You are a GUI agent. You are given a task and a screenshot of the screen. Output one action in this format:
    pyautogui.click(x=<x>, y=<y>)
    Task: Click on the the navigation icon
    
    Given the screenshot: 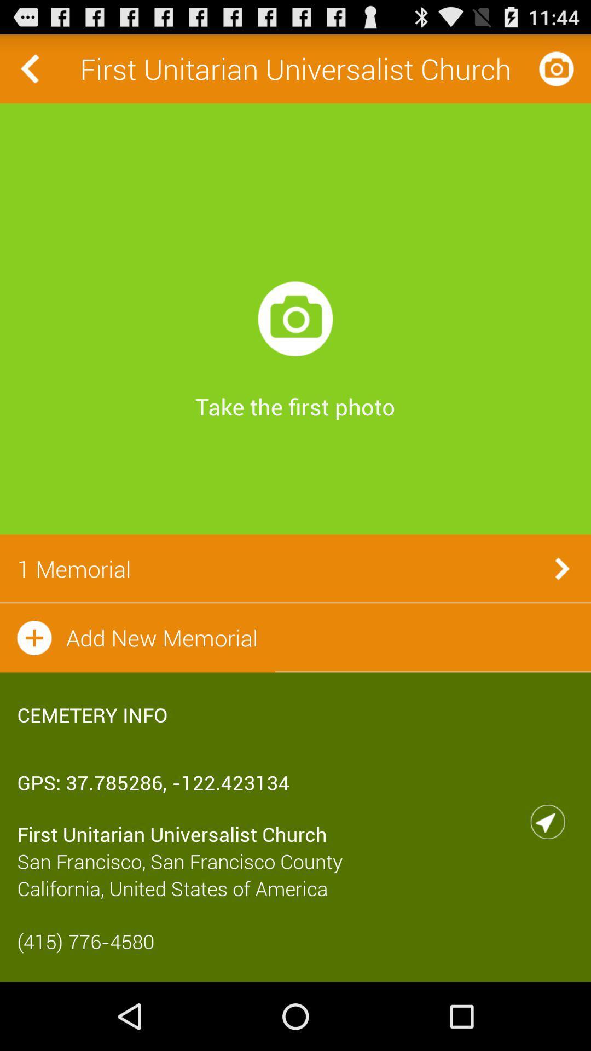 What is the action you would take?
    pyautogui.click(x=548, y=880)
    